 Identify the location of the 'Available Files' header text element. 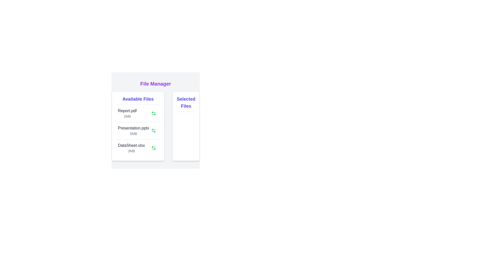
(138, 100).